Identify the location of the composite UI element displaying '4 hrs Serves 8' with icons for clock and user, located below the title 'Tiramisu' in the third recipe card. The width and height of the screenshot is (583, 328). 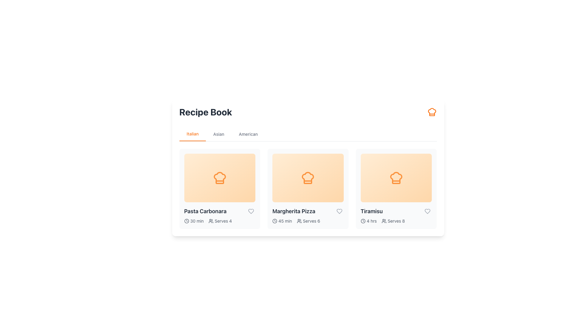
(396, 221).